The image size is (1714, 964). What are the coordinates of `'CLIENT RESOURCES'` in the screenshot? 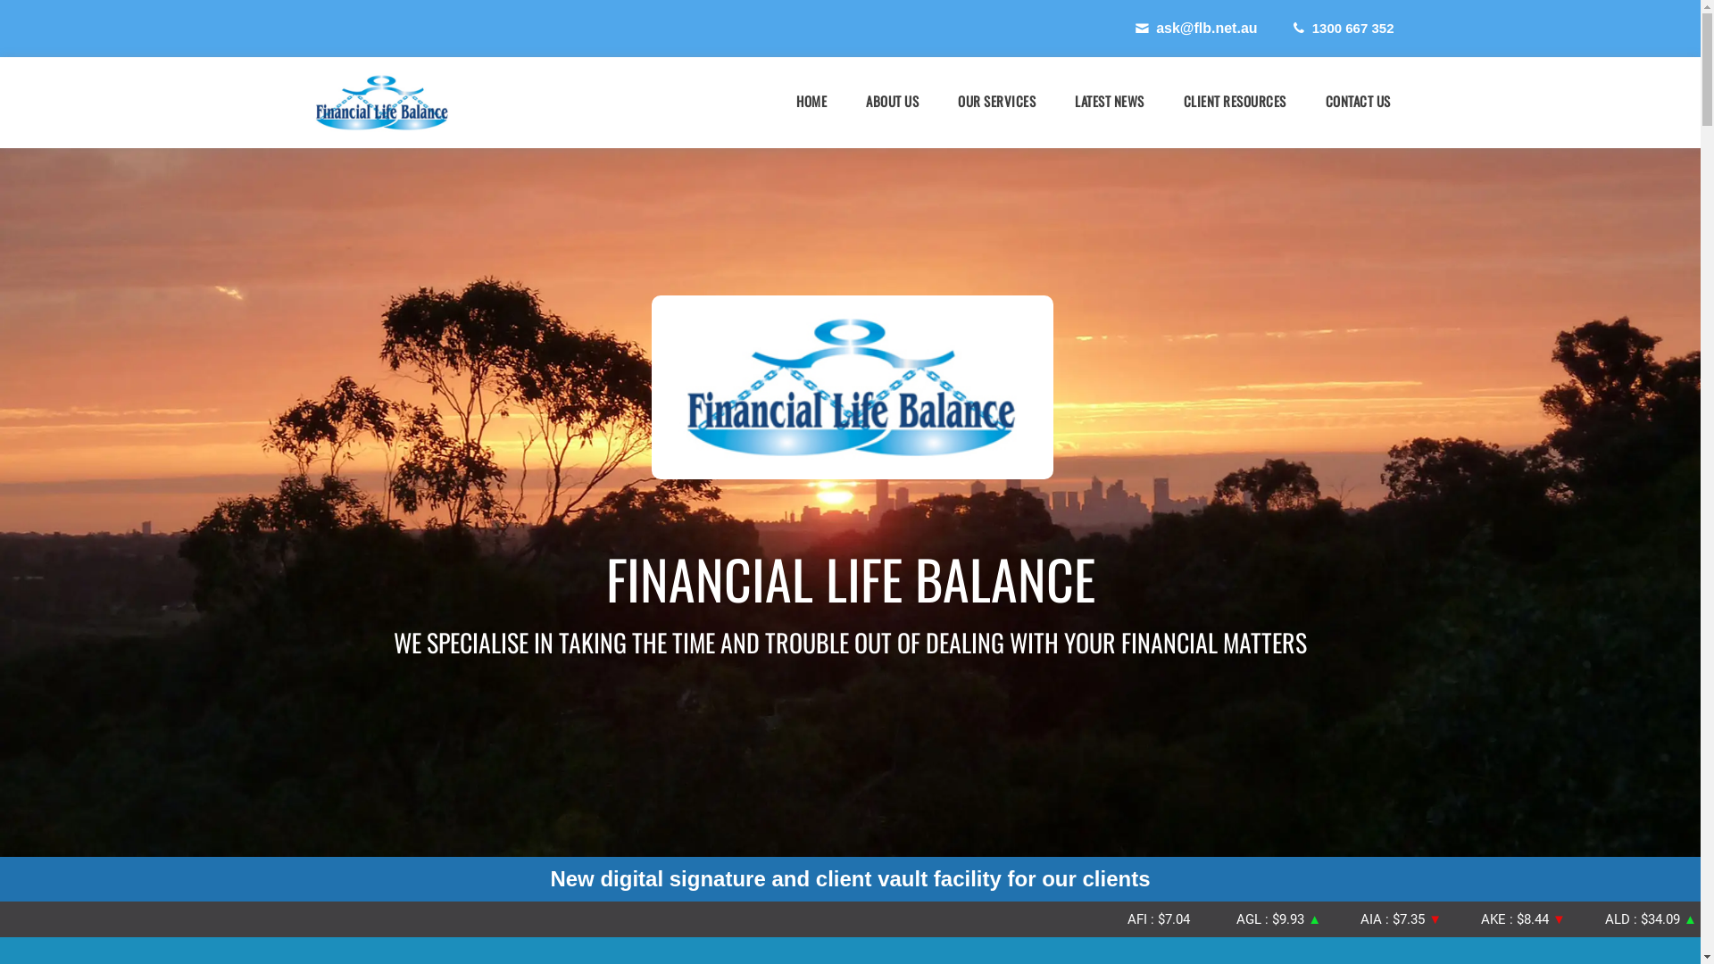 It's located at (1234, 101).